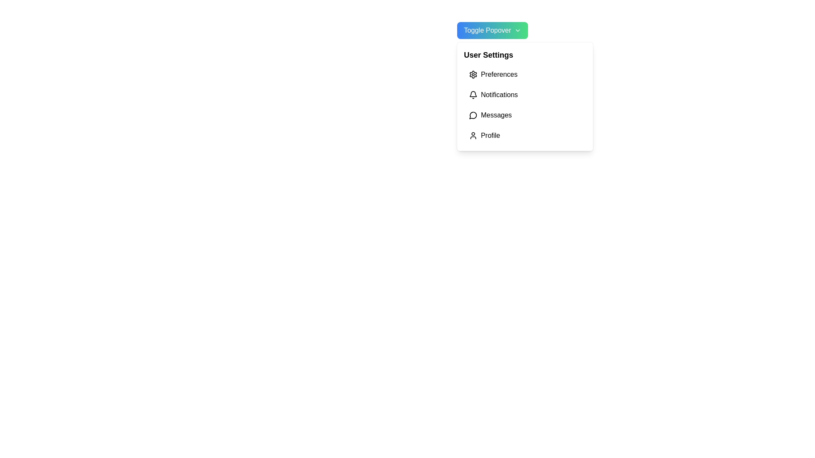  I want to click on text label 'Messages' located in the User Settings menu, positioned third in the vertical navigation, below 'Notifications' and above 'Profile', so click(496, 115).